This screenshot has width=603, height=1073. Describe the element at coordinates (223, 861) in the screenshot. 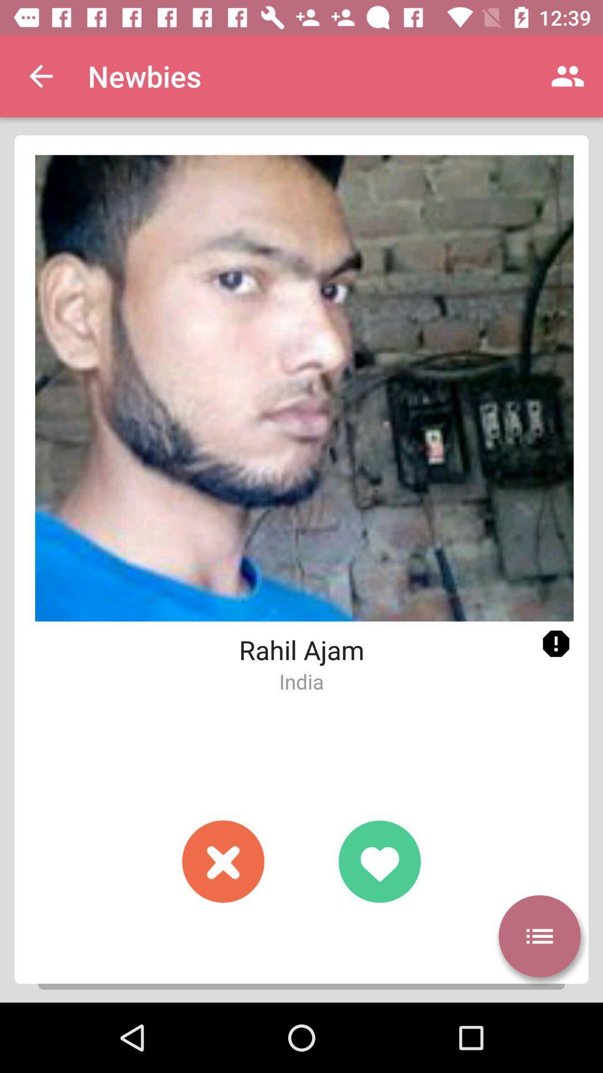

I see `and move on` at that location.